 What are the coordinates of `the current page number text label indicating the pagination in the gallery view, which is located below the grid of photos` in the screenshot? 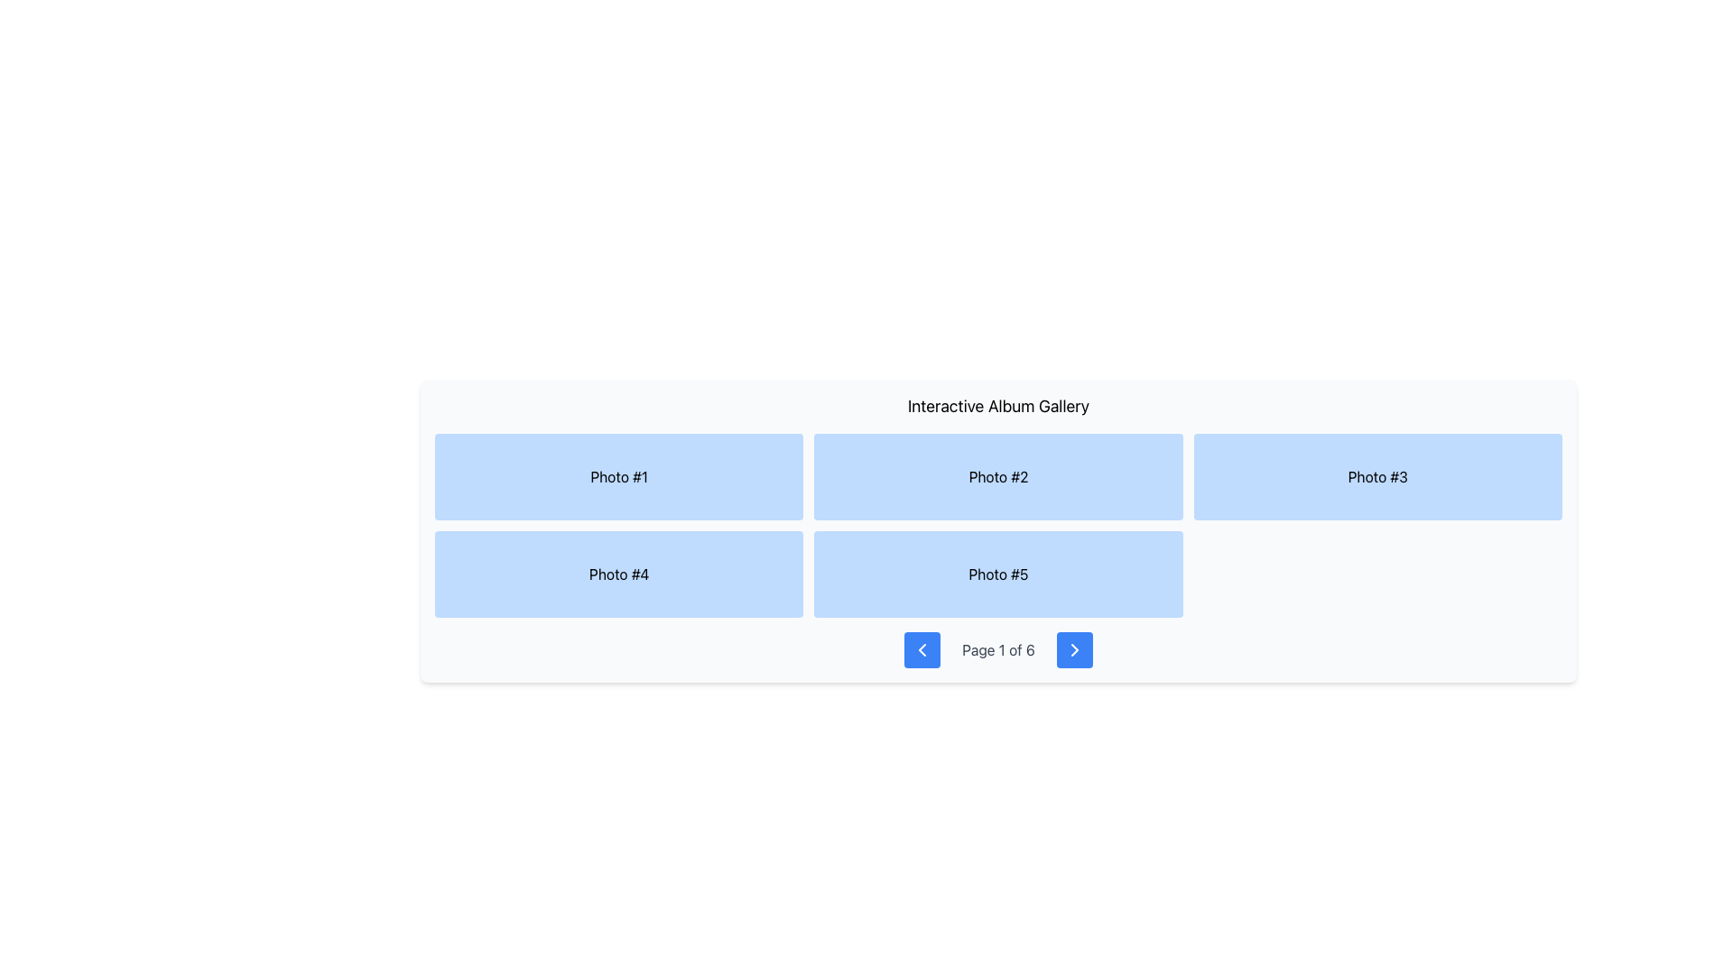 It's located at (997, 650).